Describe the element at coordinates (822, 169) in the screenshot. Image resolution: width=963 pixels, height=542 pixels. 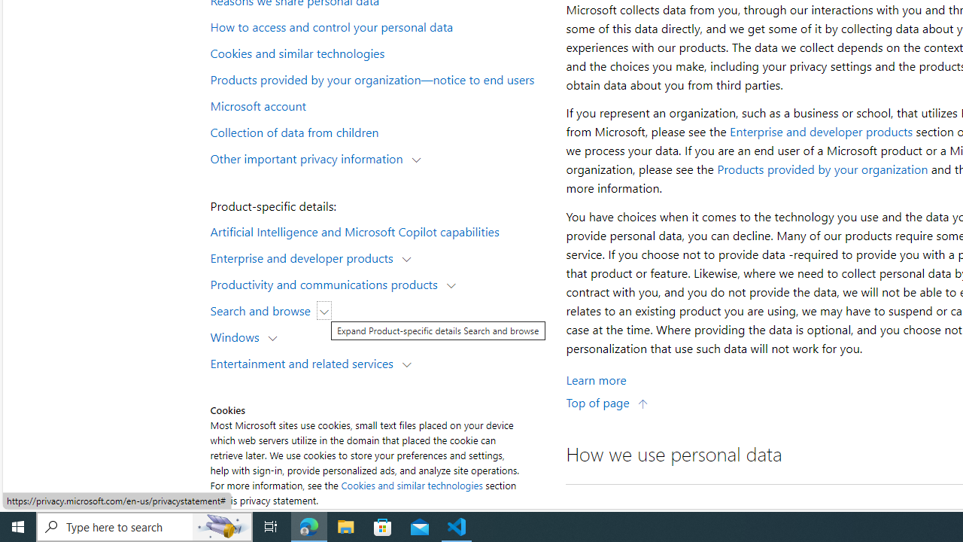
I see `'Products provided by your organization'` at that location.